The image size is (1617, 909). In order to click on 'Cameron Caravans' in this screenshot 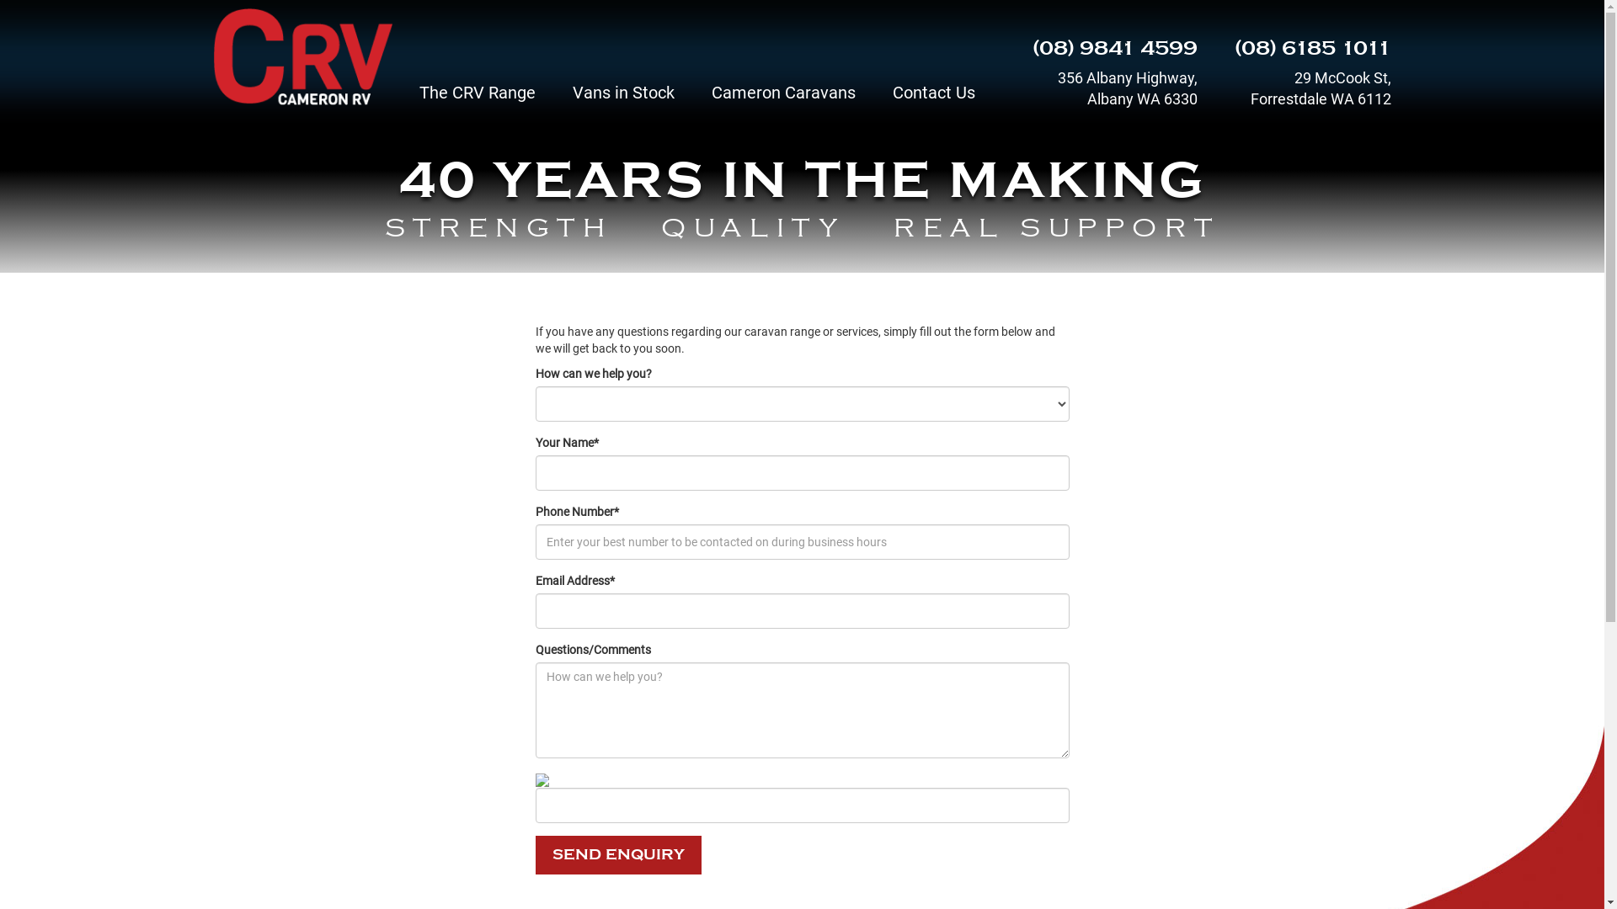, I will do `click(782, 100)`.